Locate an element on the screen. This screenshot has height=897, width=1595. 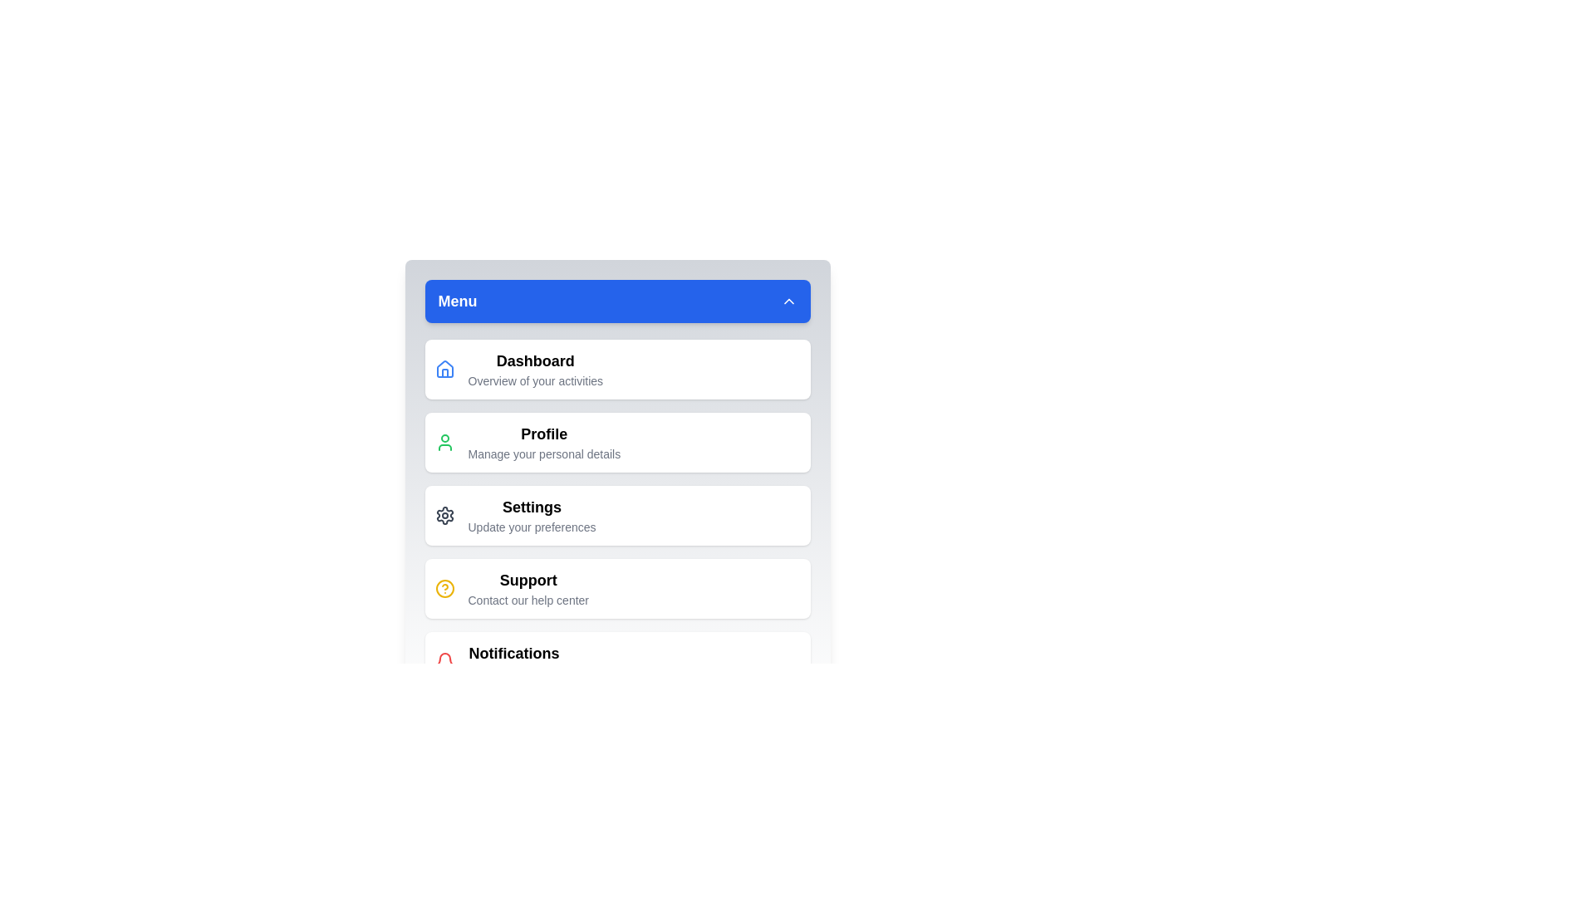
the text-based information component that serves as a title and brief description for the 'Dashboard' section, located under the blue bar titled 'Menu' in the sidebar menu is located at coordinates (535, 368).